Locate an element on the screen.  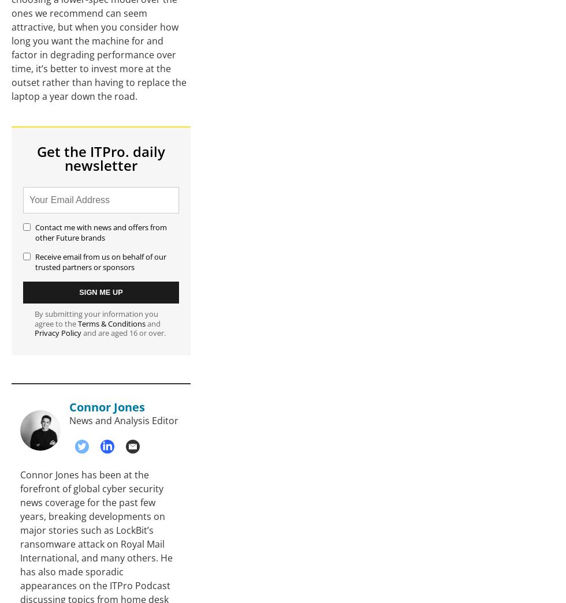
'Get the ITPro. daily newsletter' is located at coordinates (101, 157).